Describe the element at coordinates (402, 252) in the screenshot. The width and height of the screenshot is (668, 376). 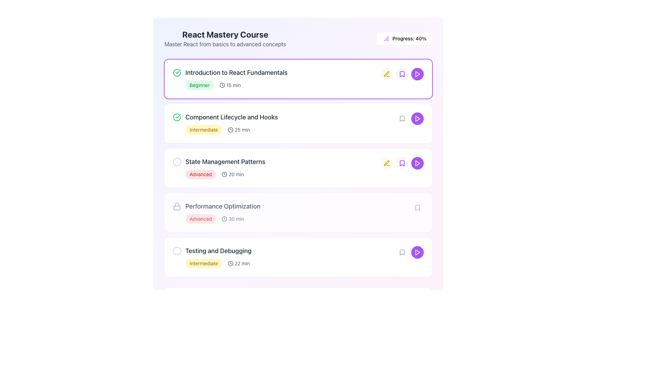
I see `the small bookmark-shaped icon located` at that location.